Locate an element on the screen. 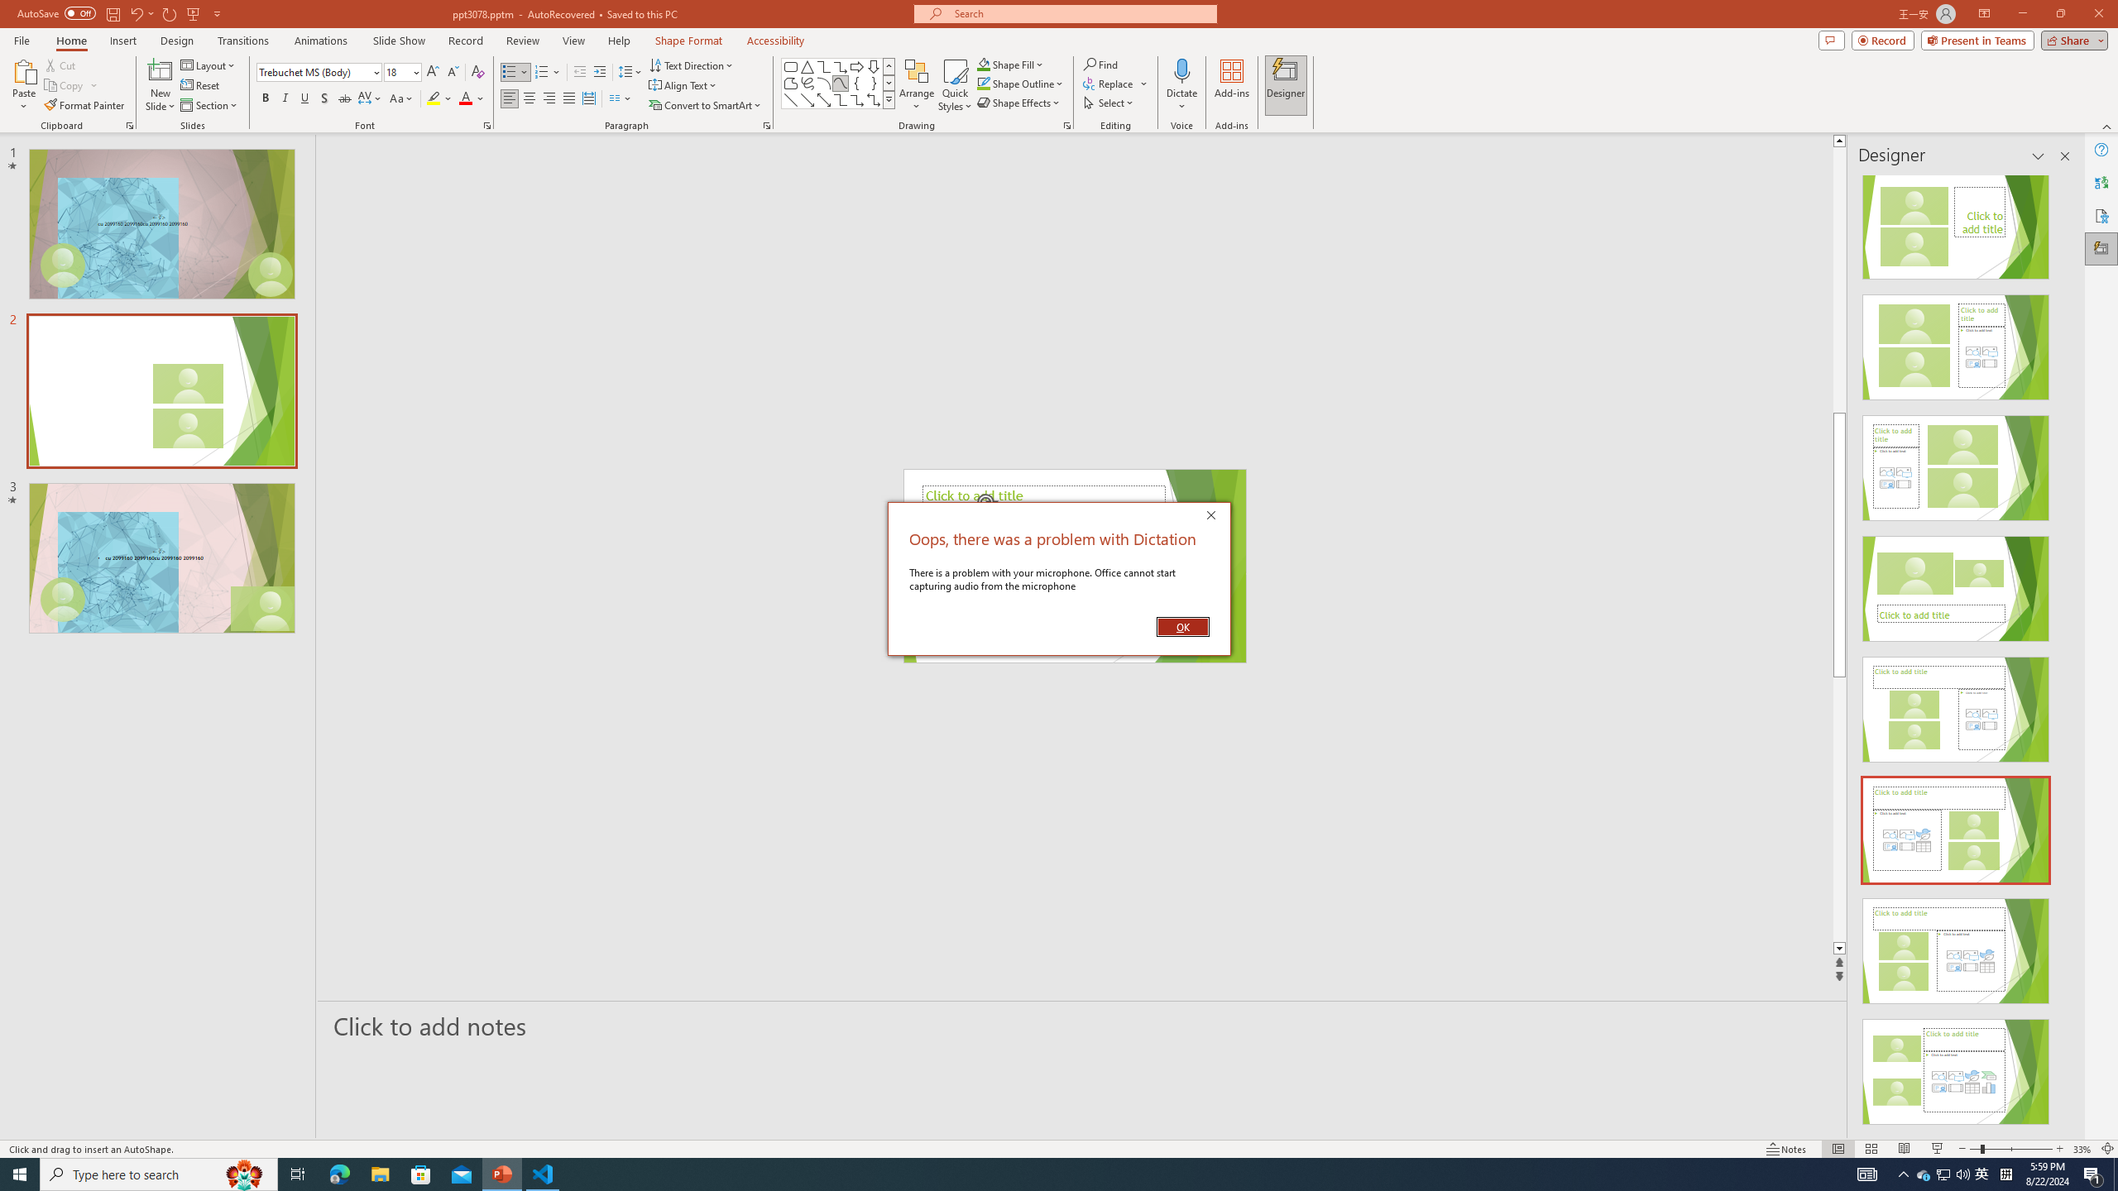 The width and height of the screenshot is (2118, 1191). 'Line Arrow: Double' is located at coordinates (822, 98).